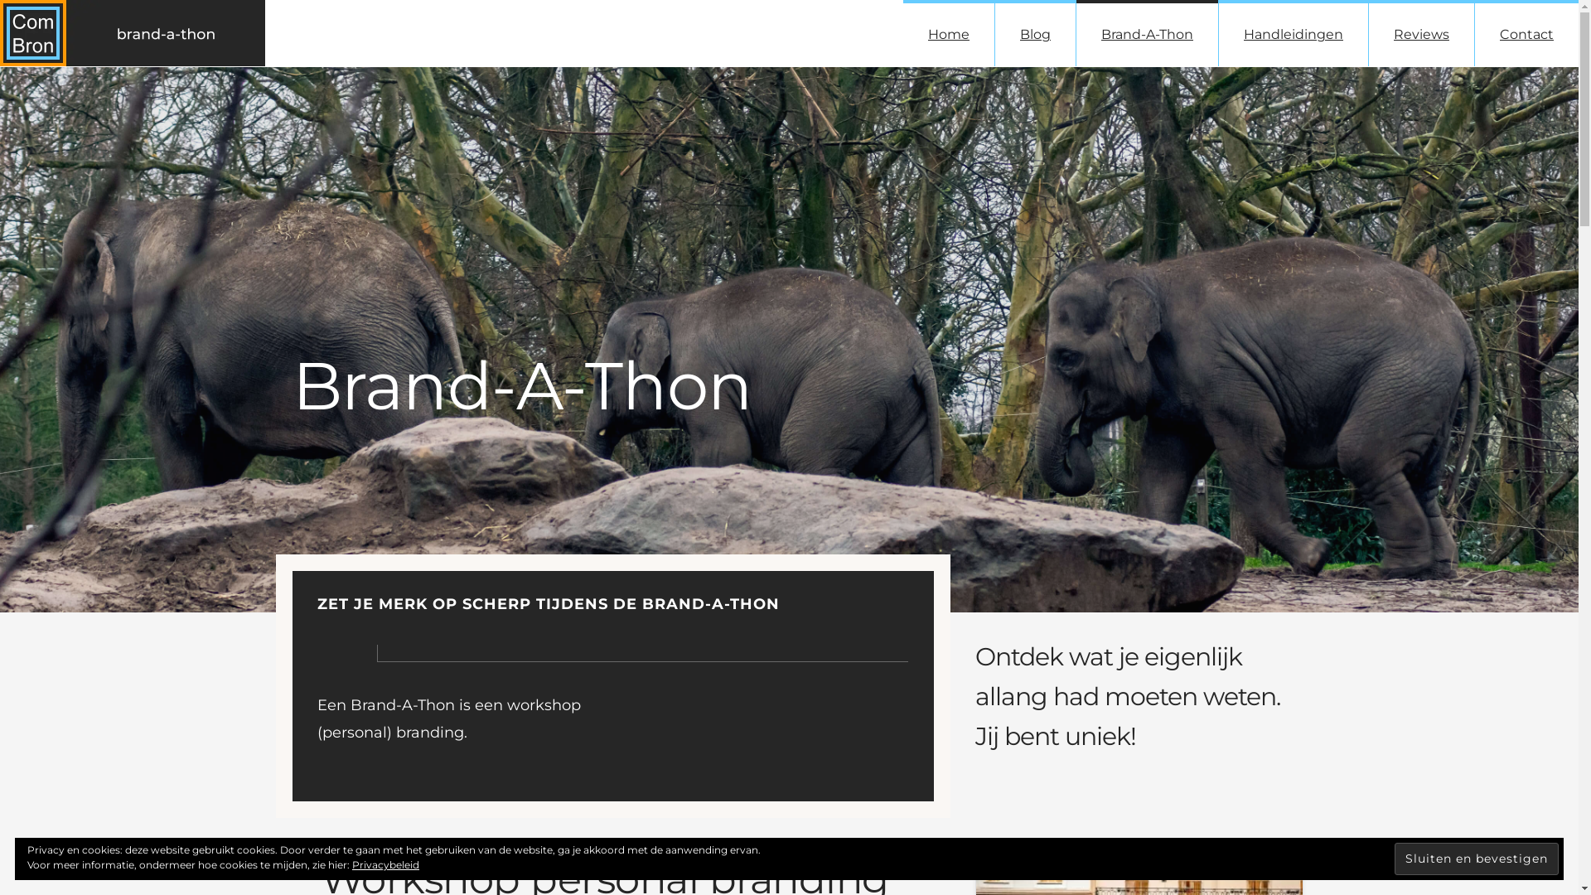 The image size is (1591, 895). I want to click on 'Contact', so click(1526, 32).